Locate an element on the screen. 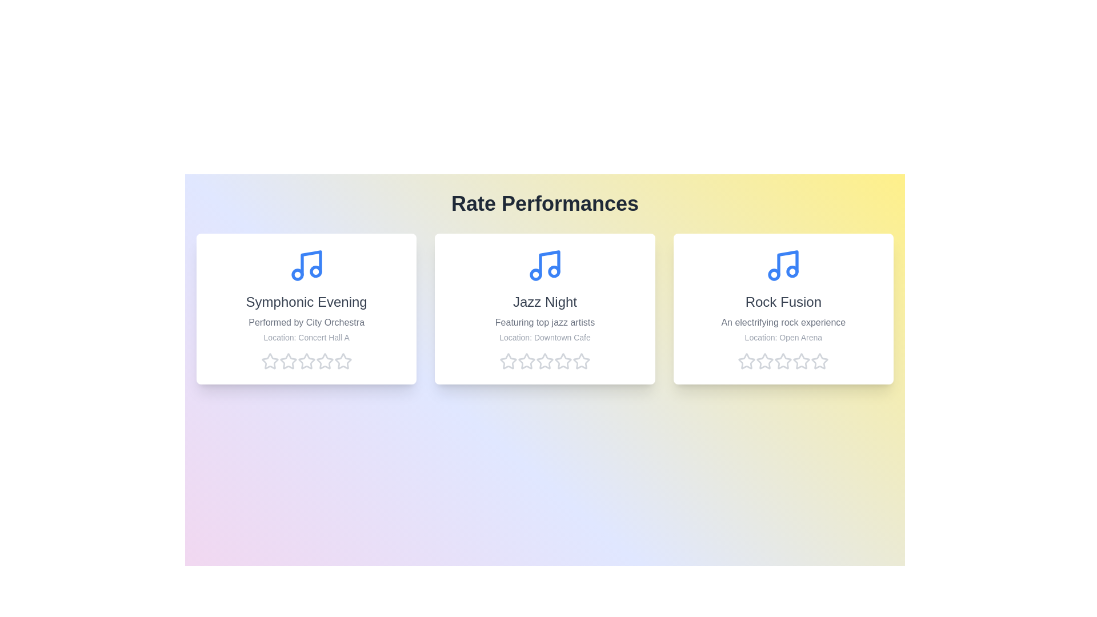  the performance card for Rock Fusion to read its details is located at coordinates (783, 308).